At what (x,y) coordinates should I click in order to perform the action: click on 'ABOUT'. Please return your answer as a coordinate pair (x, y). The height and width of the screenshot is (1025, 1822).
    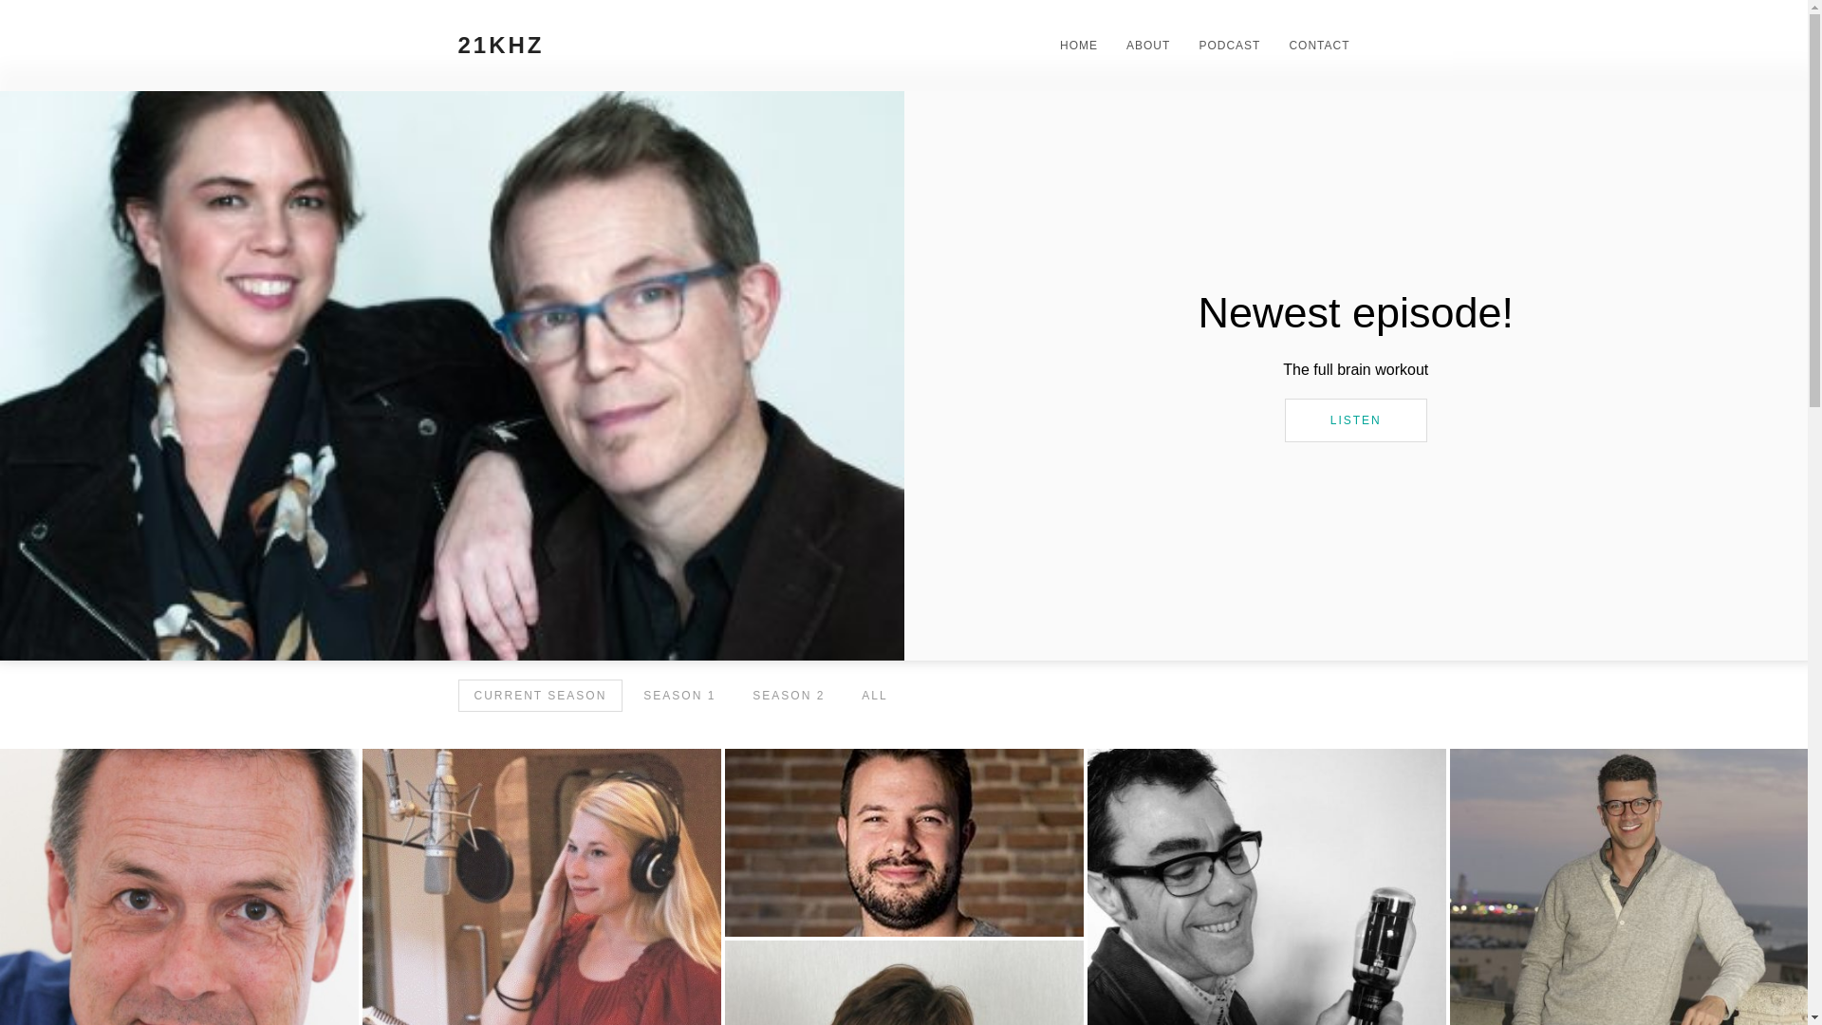
    Looking at the image, I should click on (1140, 44).